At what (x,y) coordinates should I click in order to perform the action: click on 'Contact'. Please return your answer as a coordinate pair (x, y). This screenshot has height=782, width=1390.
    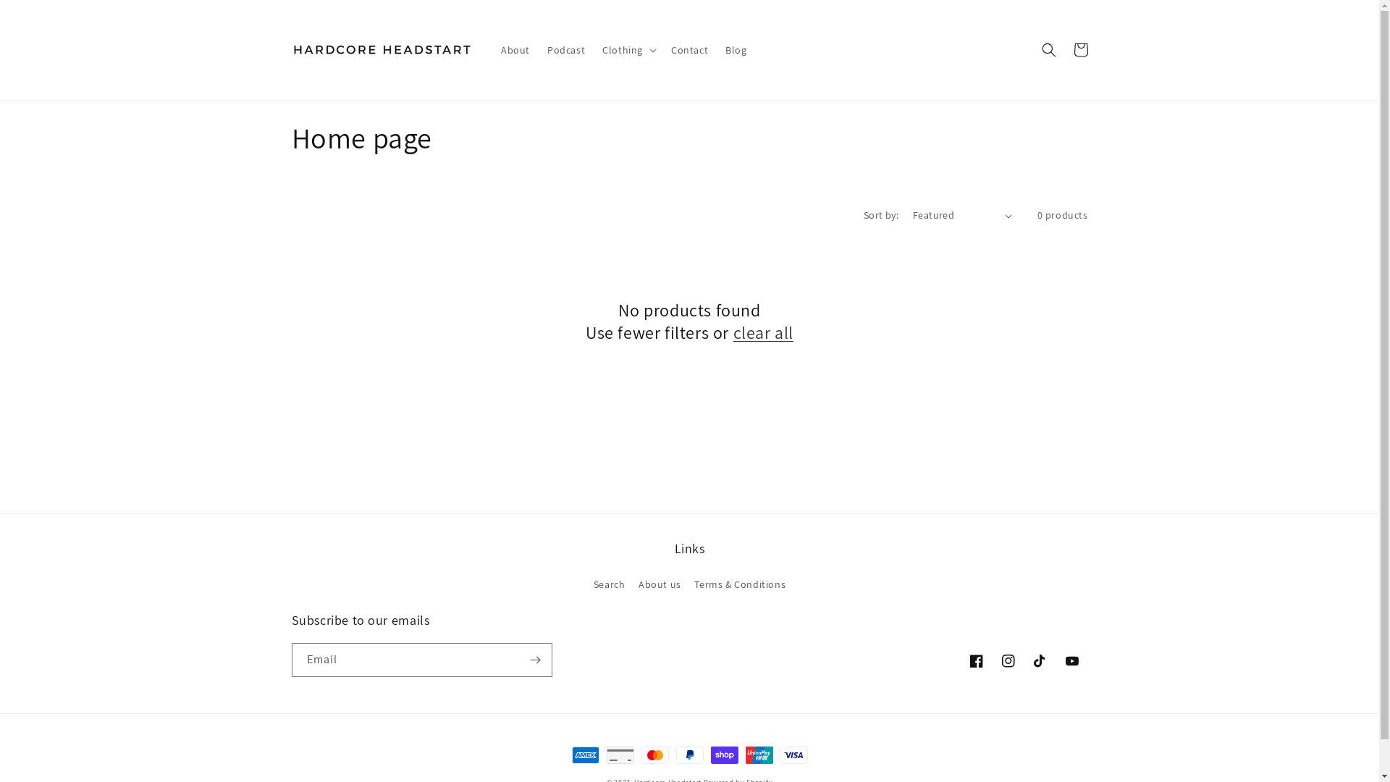
    Looking at the image, I should click on (688, 49).